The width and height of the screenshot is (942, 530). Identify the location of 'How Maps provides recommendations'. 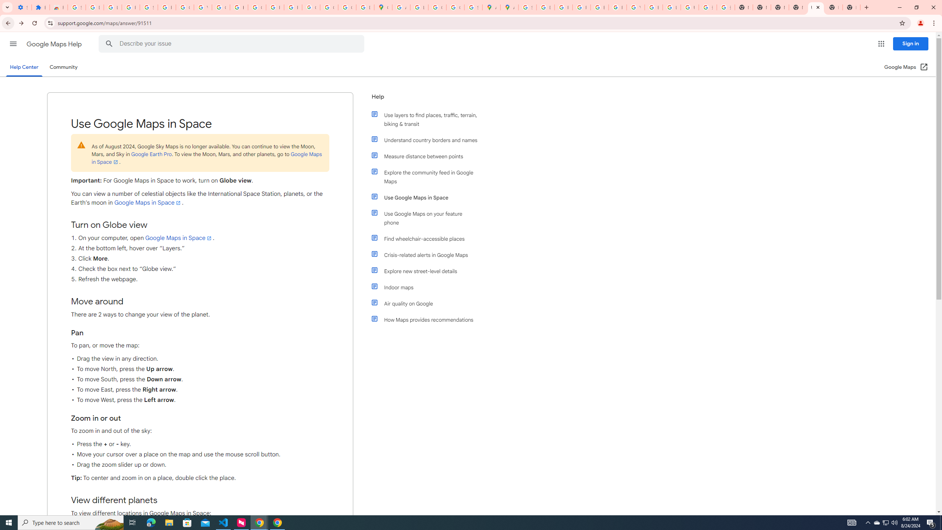
(428, 320).